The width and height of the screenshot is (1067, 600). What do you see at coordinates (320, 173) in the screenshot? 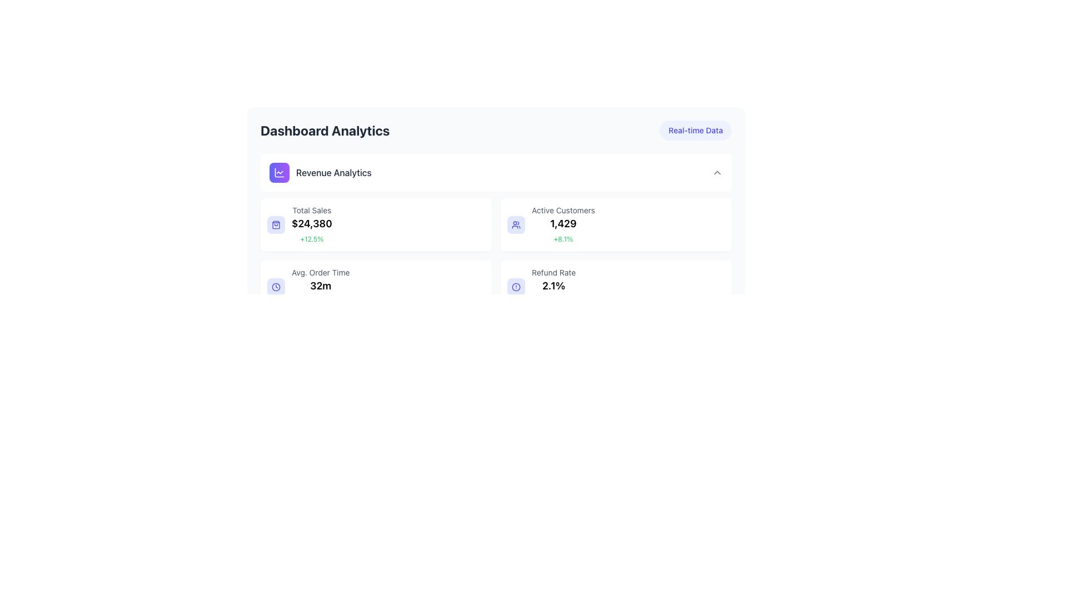
I see `the 'Revenue Analytics' label in the Composite element with a purple gradient background and a chart-like icon` at bounding box center [320, 173].